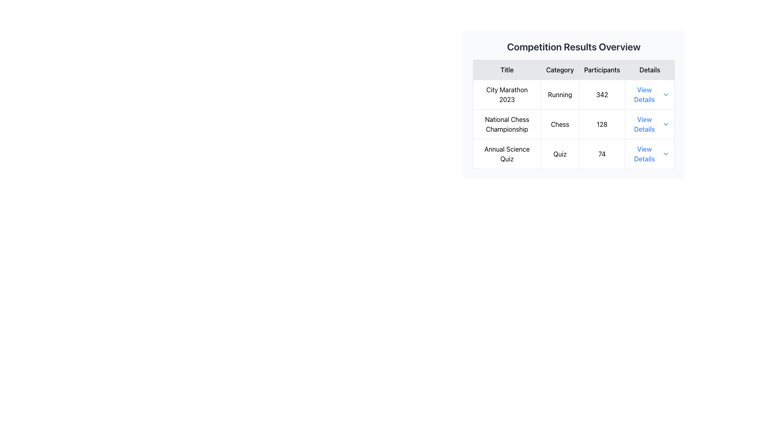  Describe the element at coordinates (559, 94) in the screenshot. I see `the 'Running' category text in the second column of the event table, which is positioned between 'City Marathon 2023' and '342'` at that location.